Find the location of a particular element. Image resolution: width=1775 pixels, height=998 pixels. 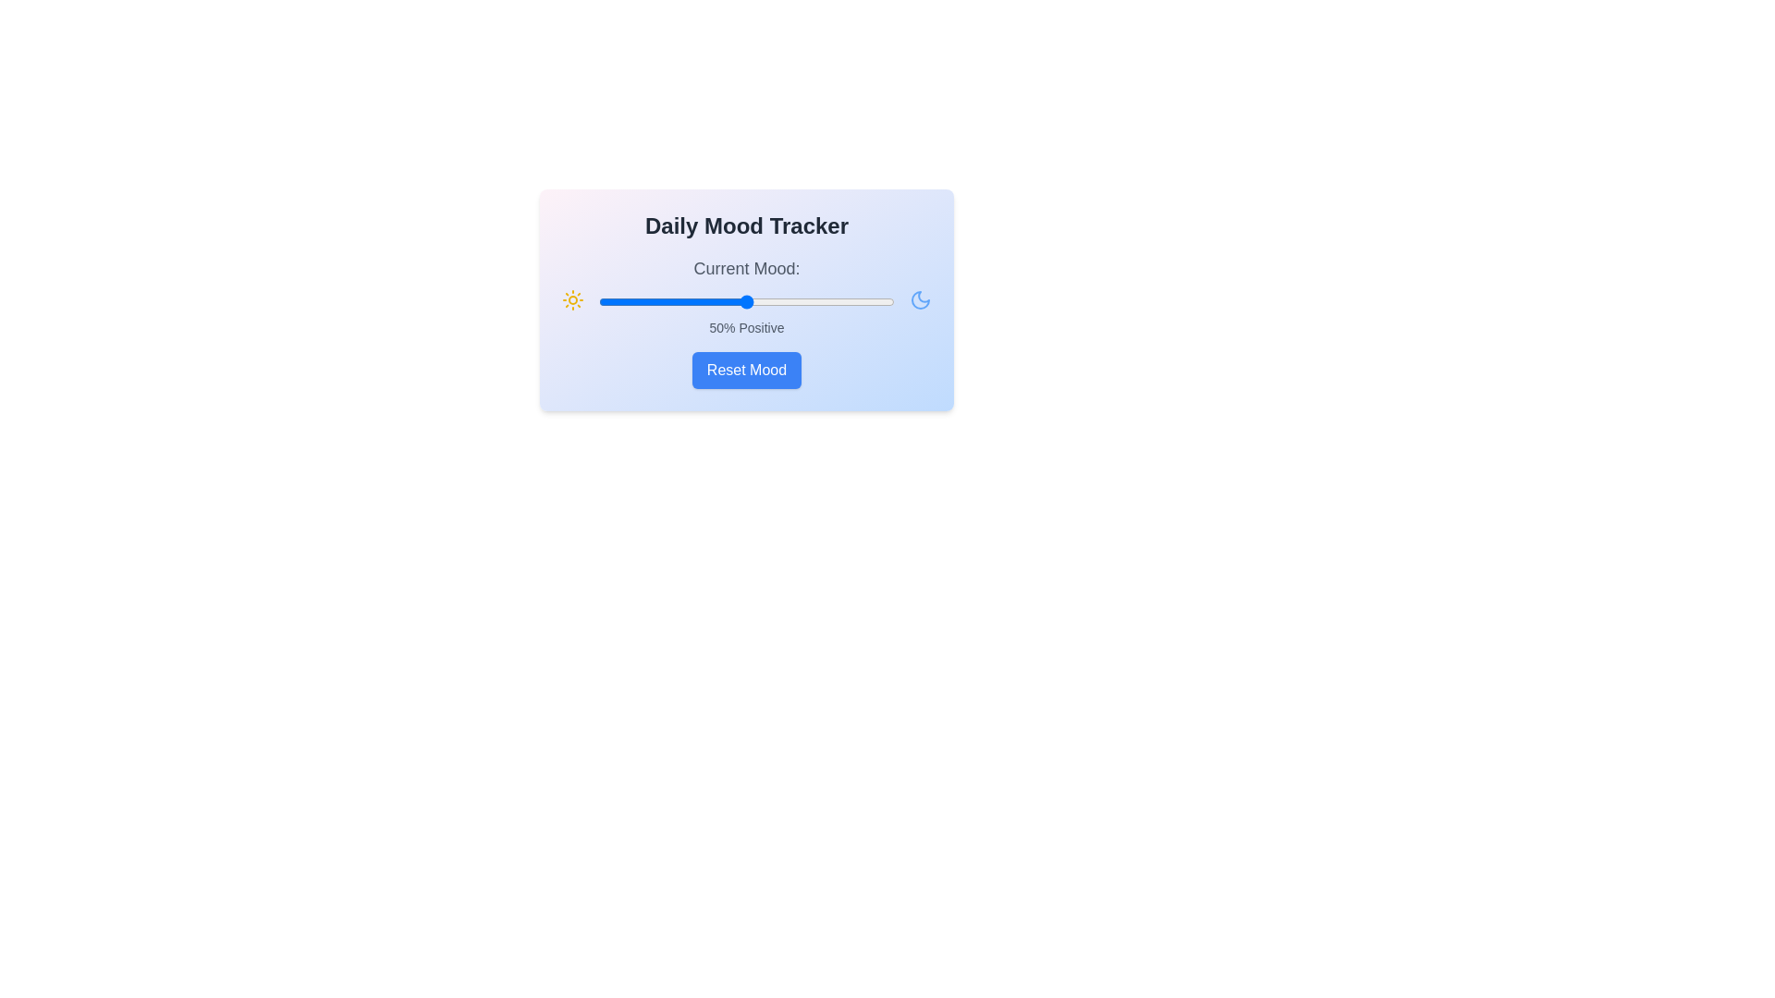

the mood slider is located at coordinates (631, 301).